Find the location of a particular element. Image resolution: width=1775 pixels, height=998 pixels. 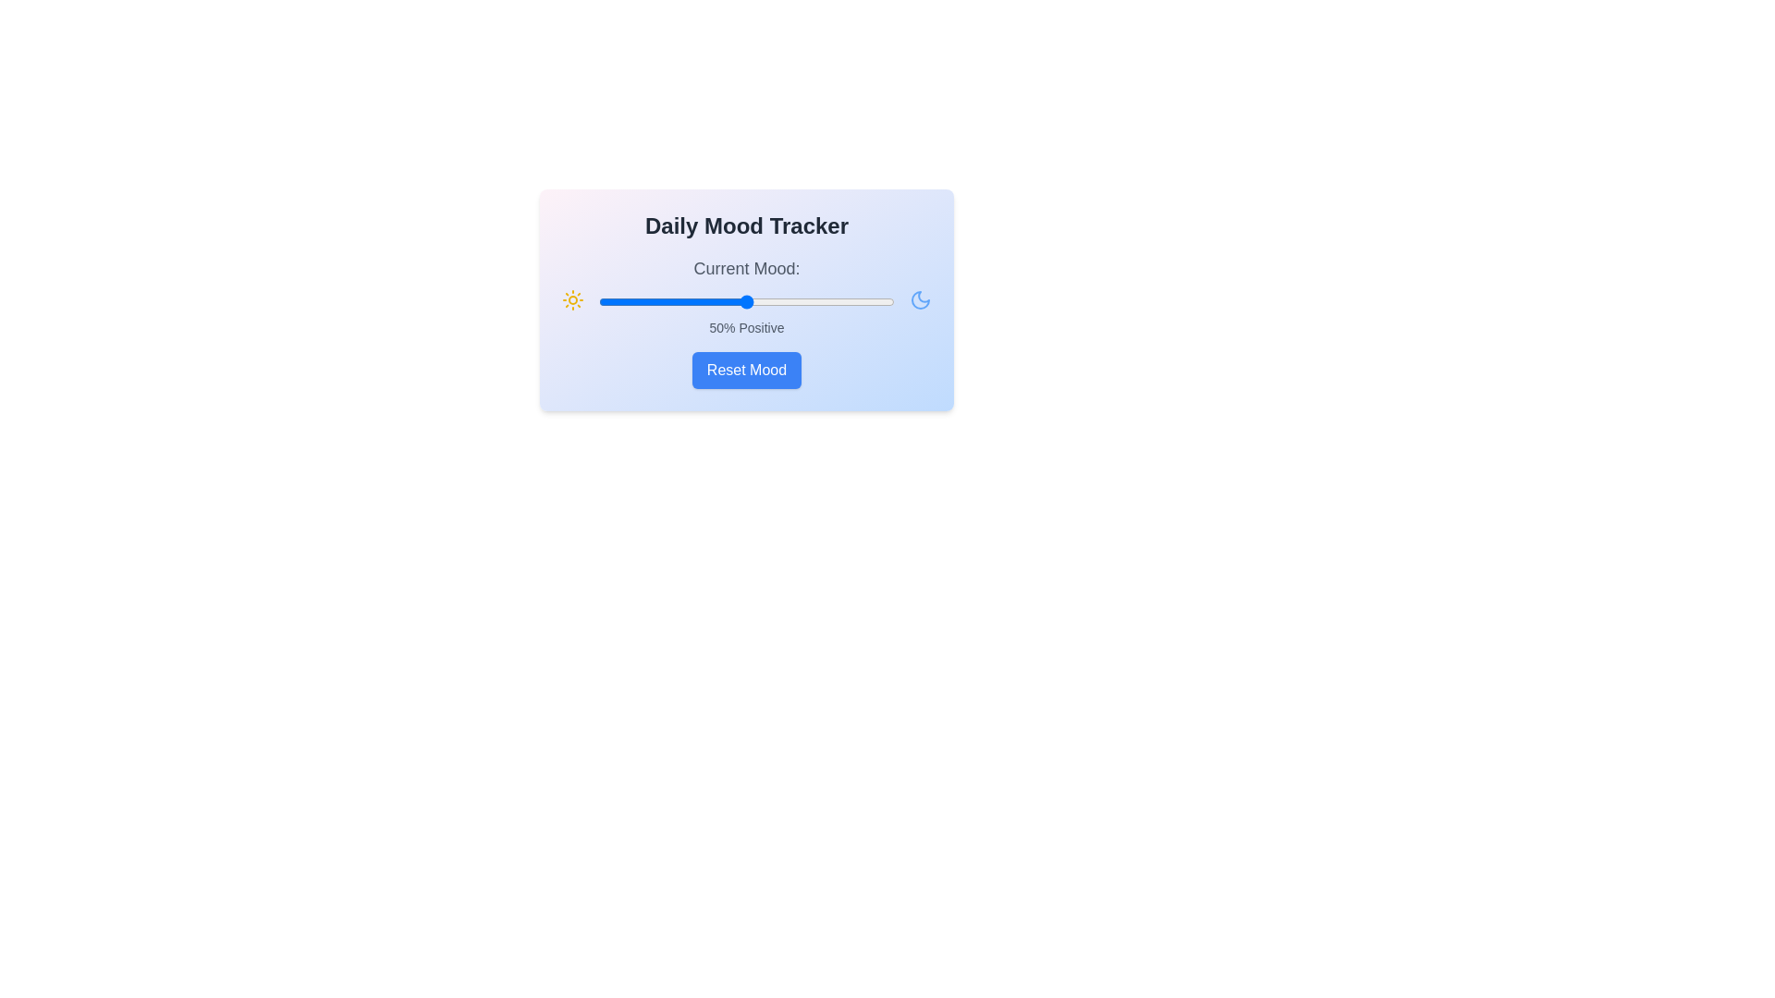

the mood slider is located at coordinates (631, 301).